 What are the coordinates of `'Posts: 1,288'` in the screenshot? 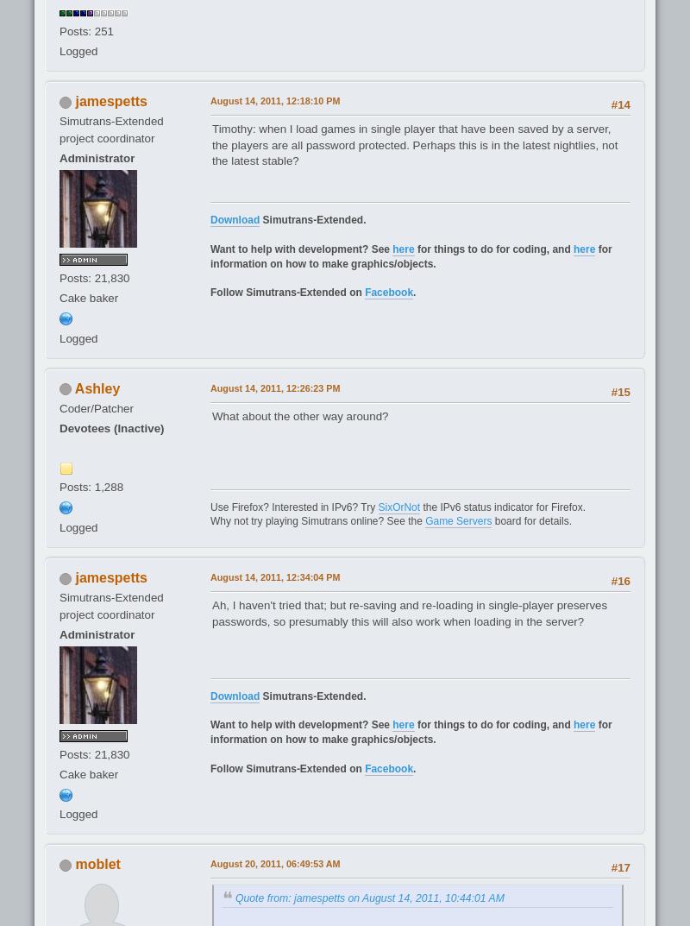 It's located at (91, 487).